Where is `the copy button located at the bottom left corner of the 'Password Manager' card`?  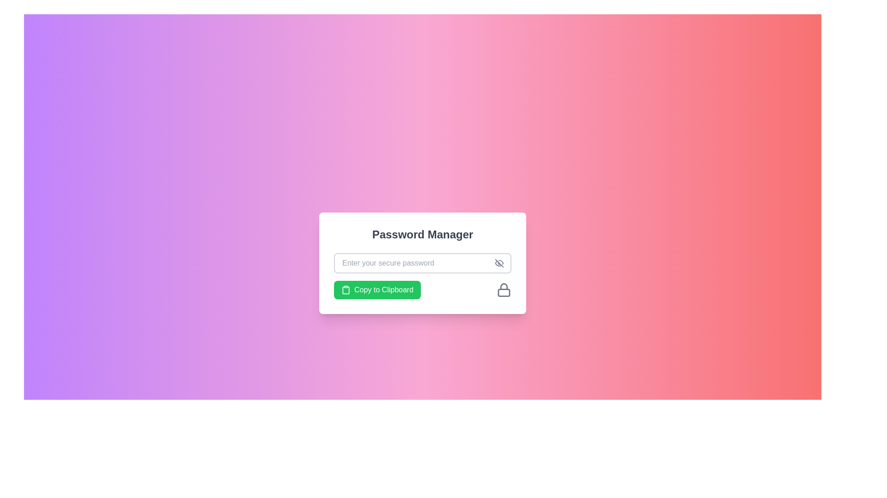 the copy button located at the bottom left corner of the 'Password Manager' card is located at coordinates (377, 289).